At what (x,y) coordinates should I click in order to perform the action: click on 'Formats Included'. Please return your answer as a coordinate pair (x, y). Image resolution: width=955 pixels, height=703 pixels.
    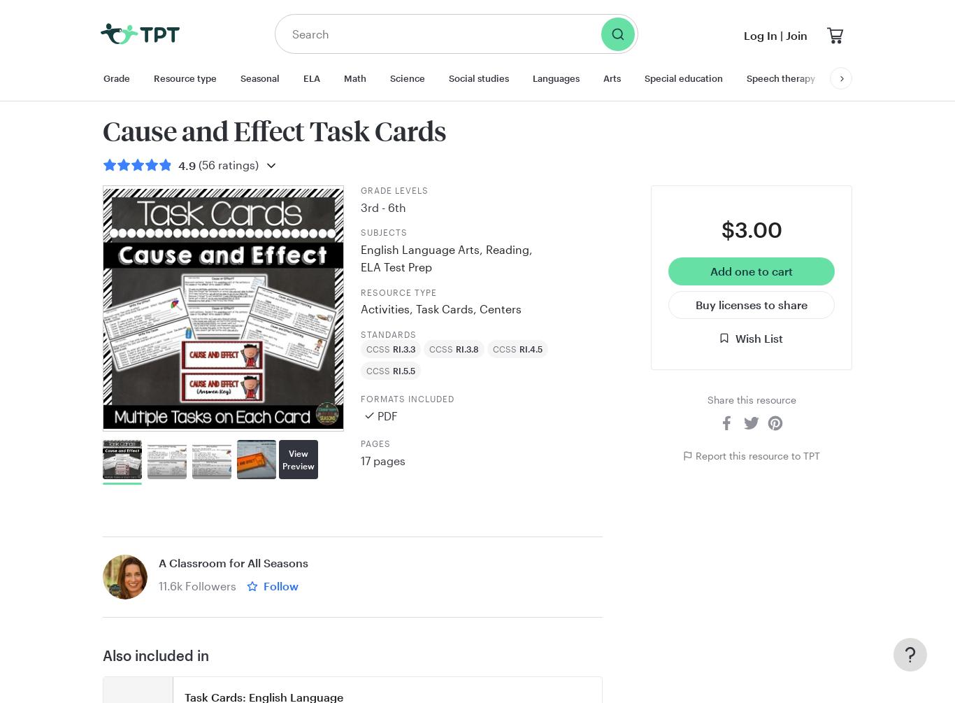
    Looking at the image, I should click on (406, 398).